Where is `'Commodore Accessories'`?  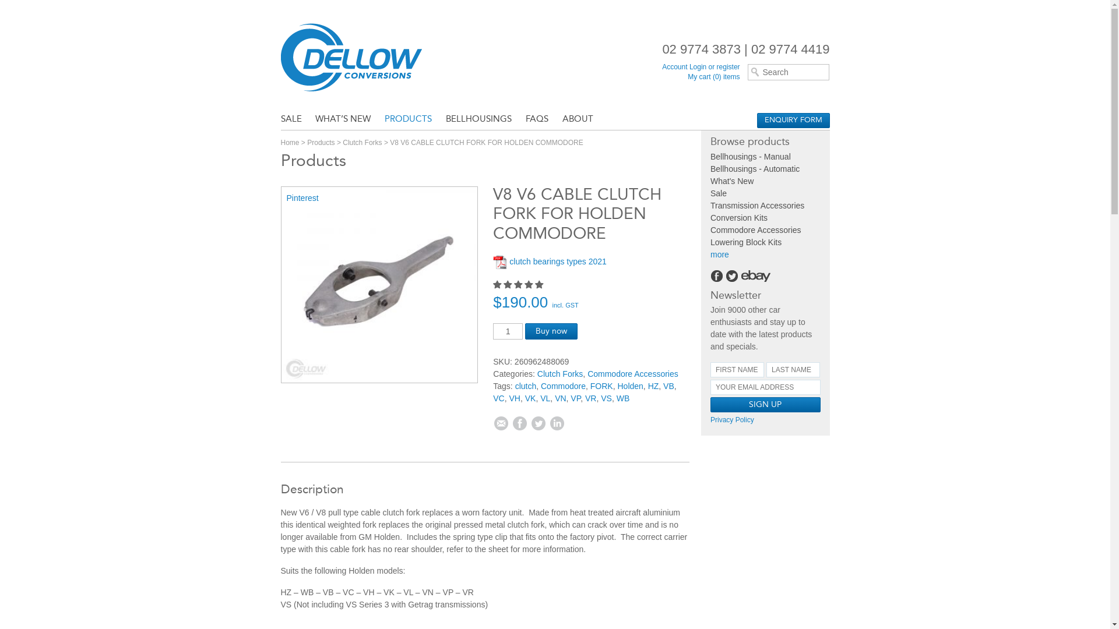 'Commodore Accessories' is located at coordinates (710, 229).